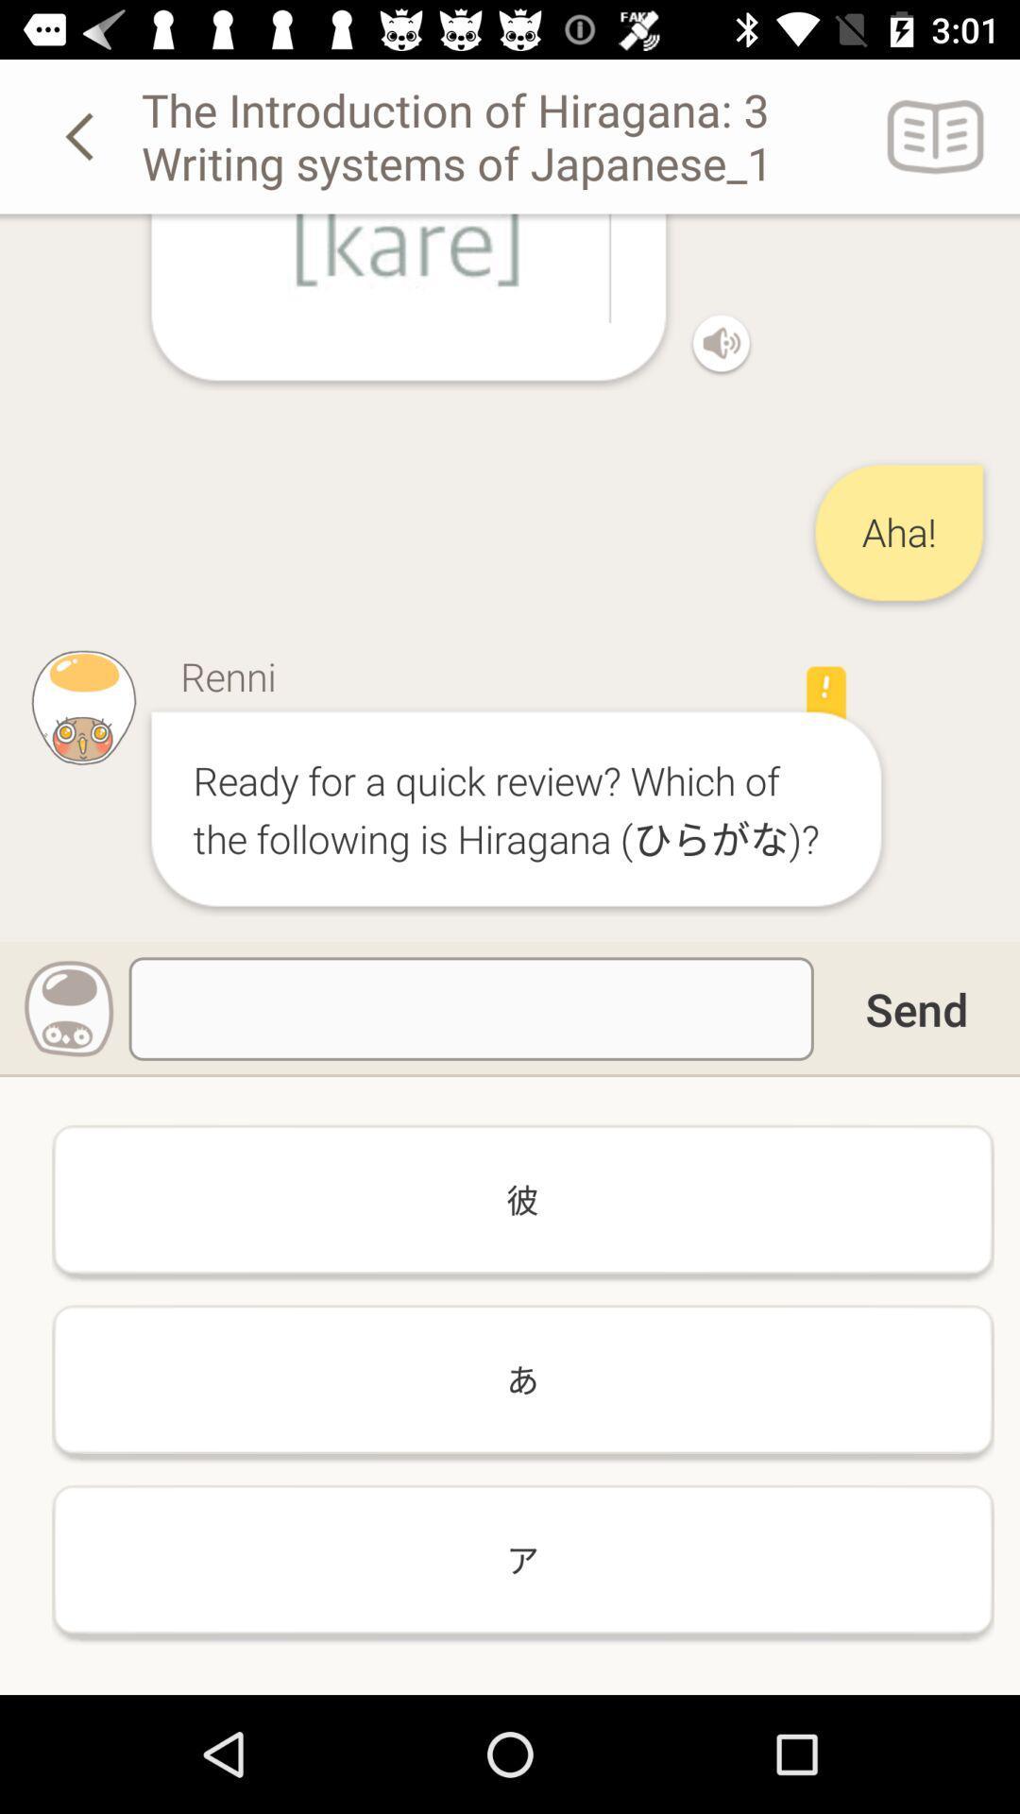  I want to click on the text aha, so click(898, 532).